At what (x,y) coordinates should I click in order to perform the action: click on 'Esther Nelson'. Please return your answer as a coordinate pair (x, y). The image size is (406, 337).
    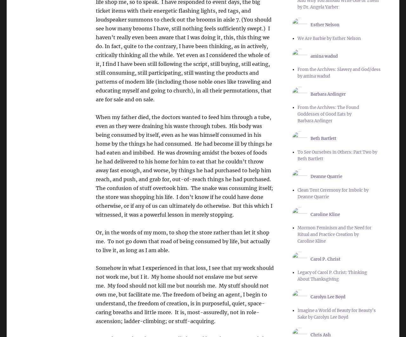
    Looking at the image, I should click on (325, 25).